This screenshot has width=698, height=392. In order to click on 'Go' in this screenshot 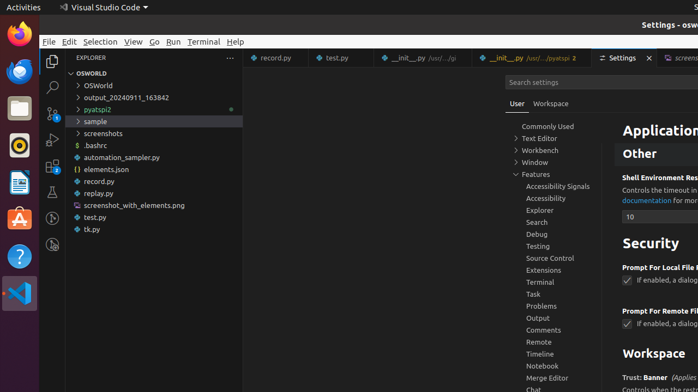, I will do `click(154, 41)`.